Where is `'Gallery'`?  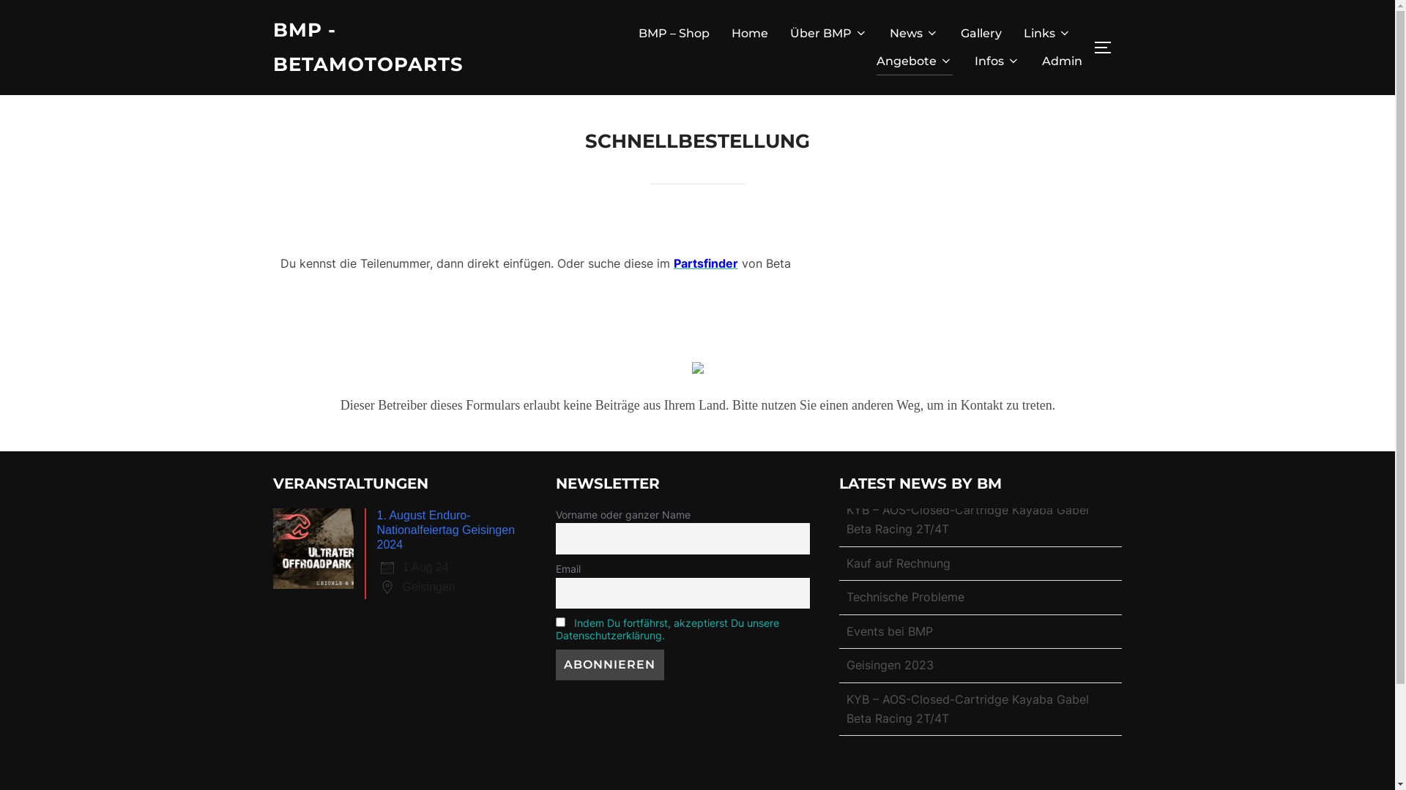
'Gallery' is located at coordinates (981, 33).